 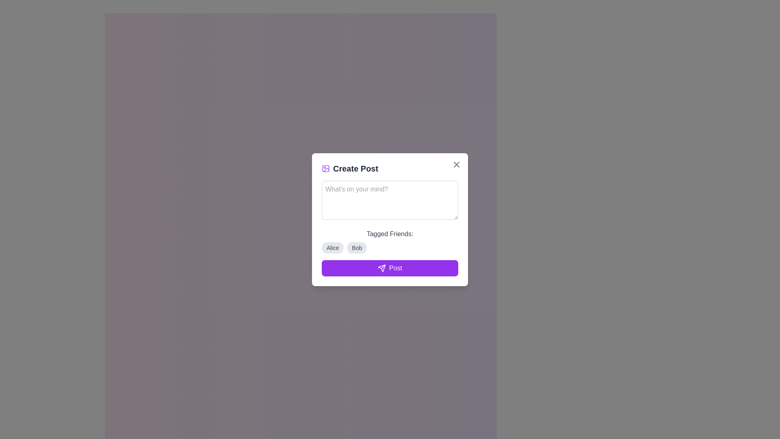 I want to click on the non-interactive text label indicating the section for tagged friends, which is positioned below the 'What's on your mind?' text input area and above the names 'Alice' and 'Bob', so click(x=390, y=234).